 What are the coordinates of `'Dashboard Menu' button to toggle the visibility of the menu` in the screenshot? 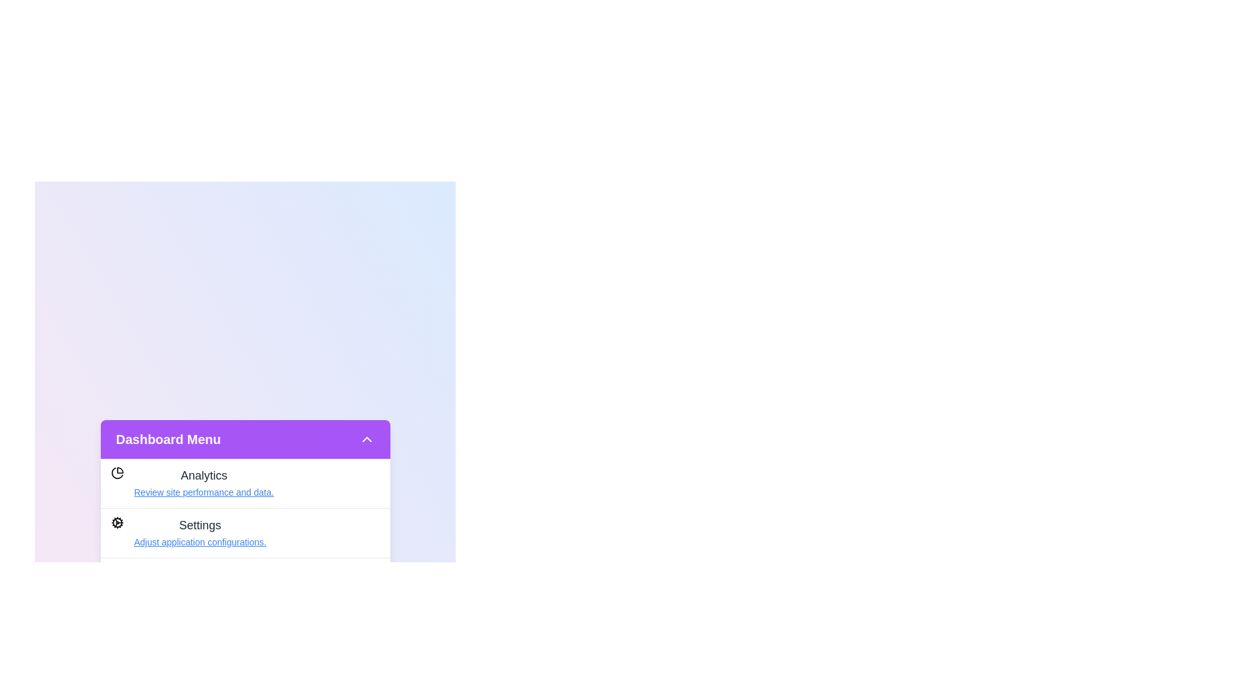 It's located at (245, 438).